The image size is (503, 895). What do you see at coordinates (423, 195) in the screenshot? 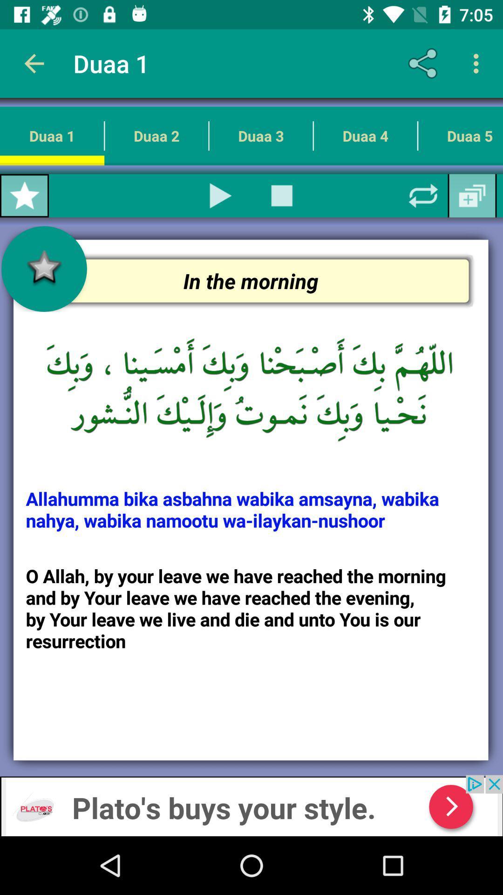
I see `the repeat icon` at bounding box center [423, 195].